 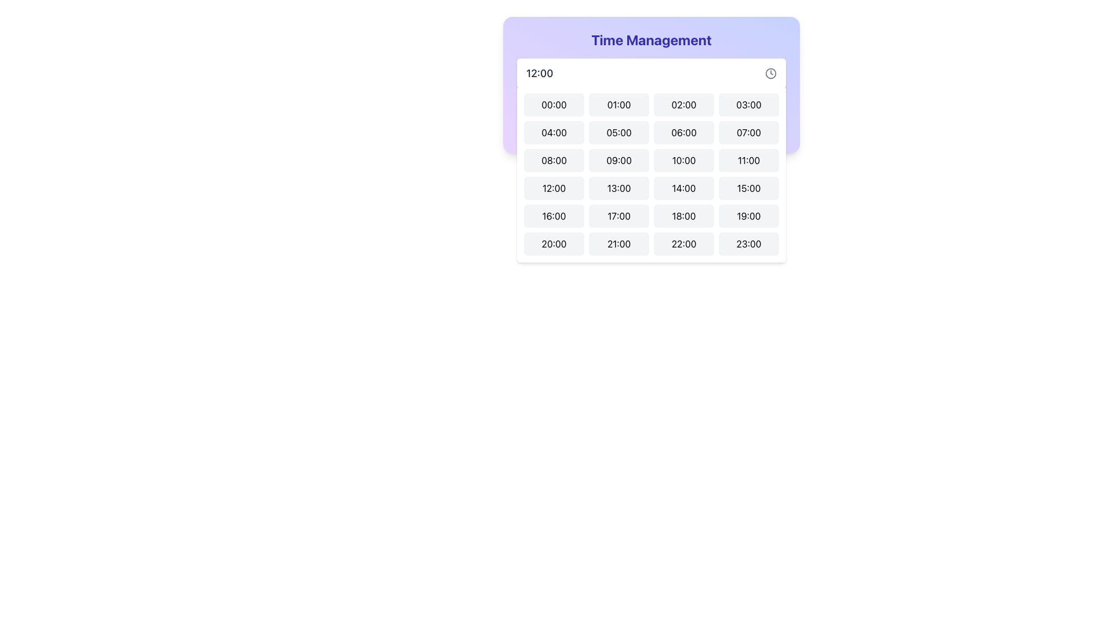 What do you see at coordinates (527, 114) in the screenshot?
I see `the inner circle of the SVG icon located near the top-left corner of the time selection grid, adjacent to the '00:00' time option` at bounding box center [527, 114].